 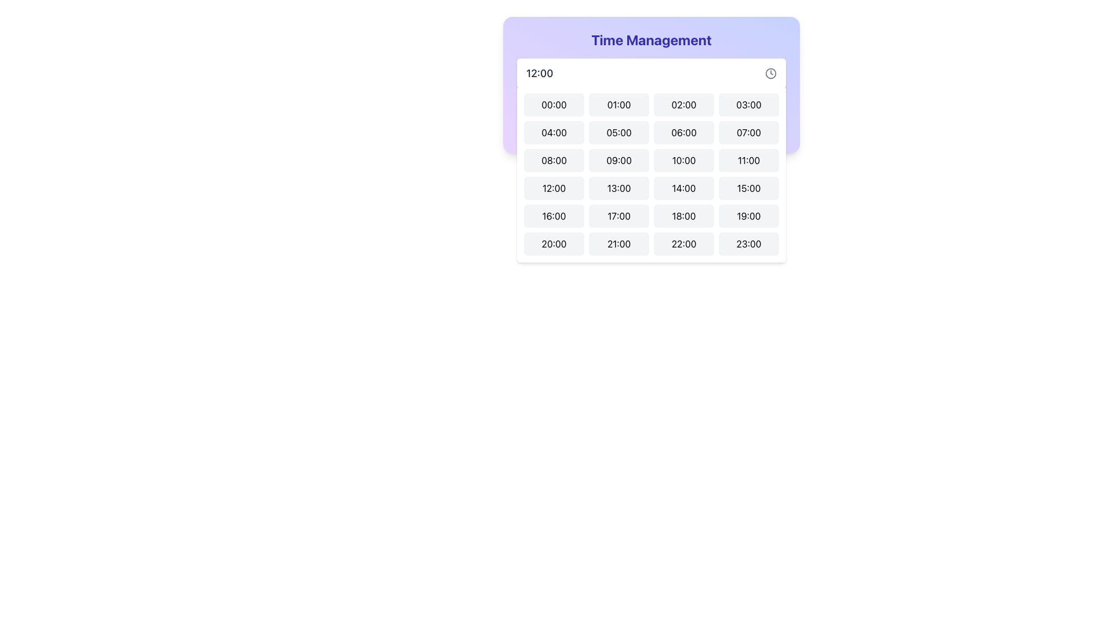 What do you see at coordinates (527, 114) in the screenshot?
I see `the inner circle of the SVG icon located near the top-left corner of the time selection grid, adjacent to the '00:00' time option` at bounding box center [527, 114].